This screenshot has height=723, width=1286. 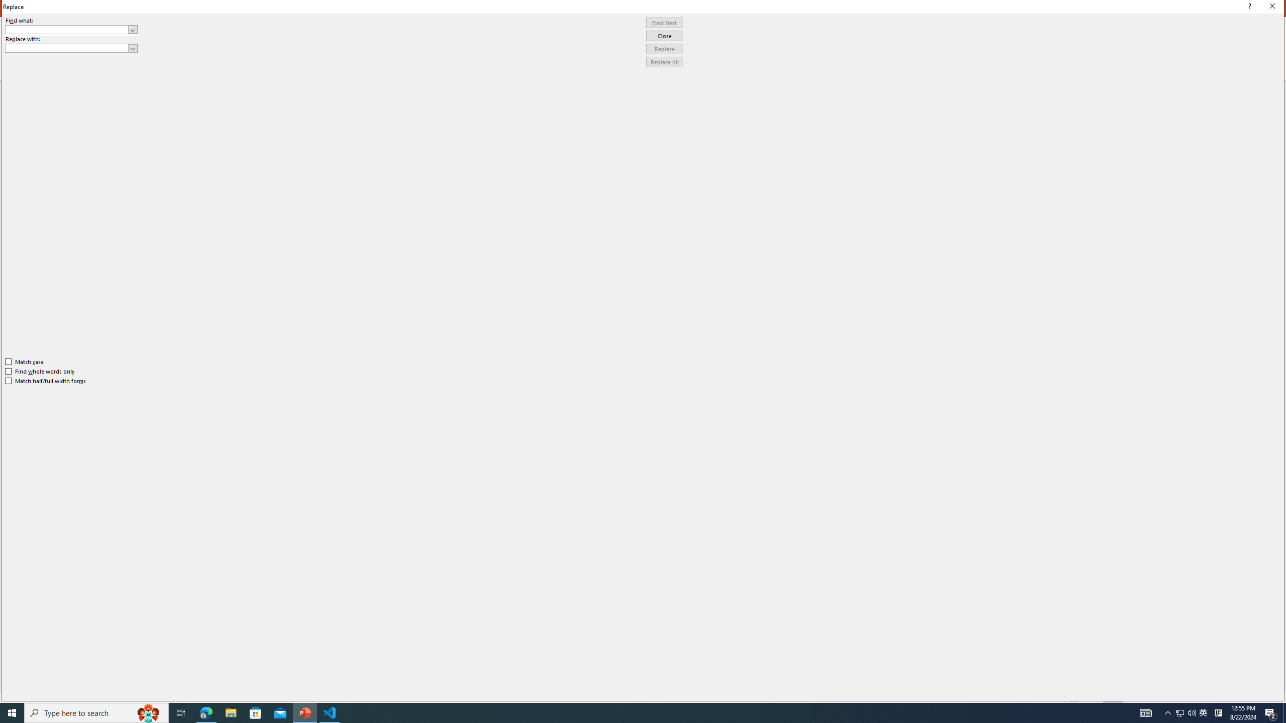 I want to click on 'Find what', so click(x=67, y=29).